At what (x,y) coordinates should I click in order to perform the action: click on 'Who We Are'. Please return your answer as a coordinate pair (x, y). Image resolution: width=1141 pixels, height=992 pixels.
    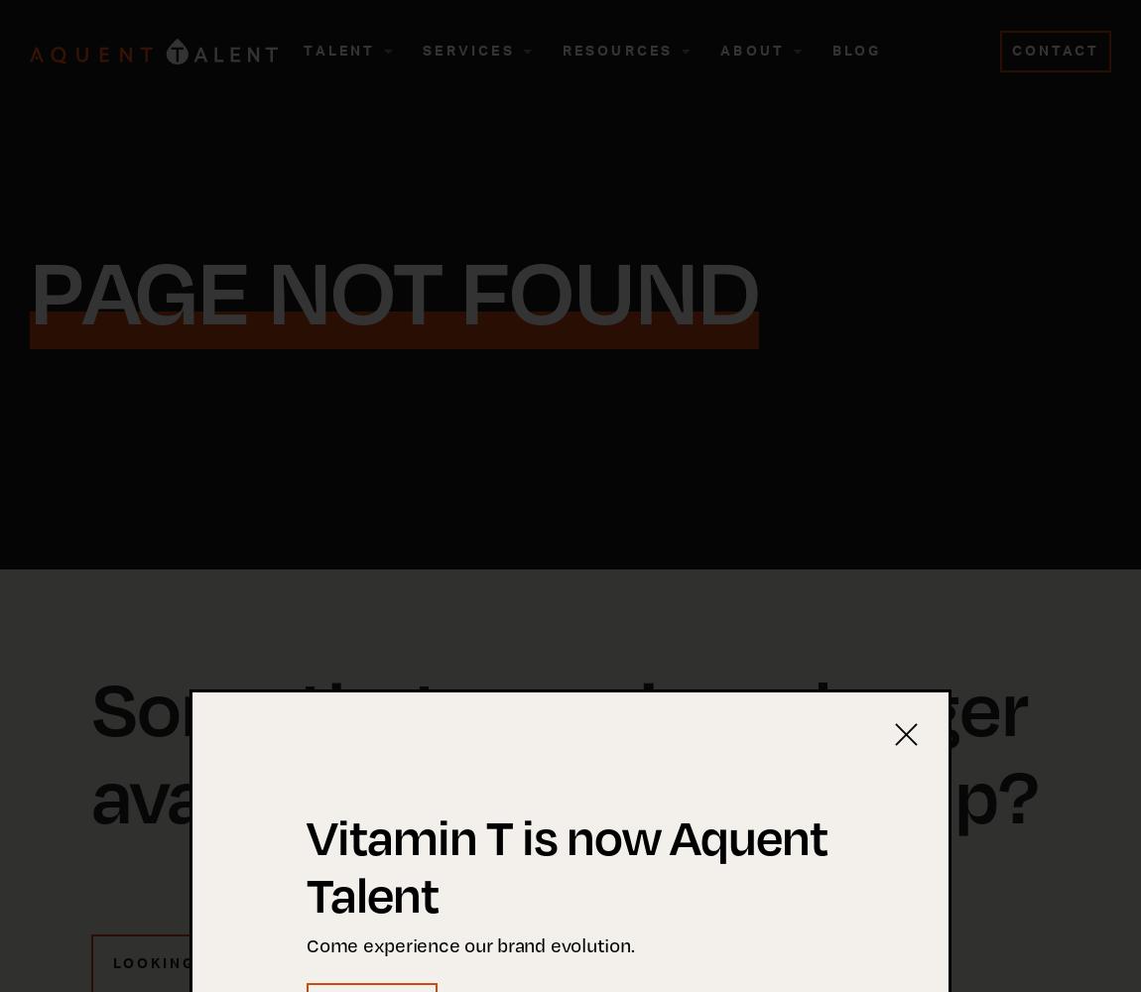
    Looking at the image, I should click on (766, 146).